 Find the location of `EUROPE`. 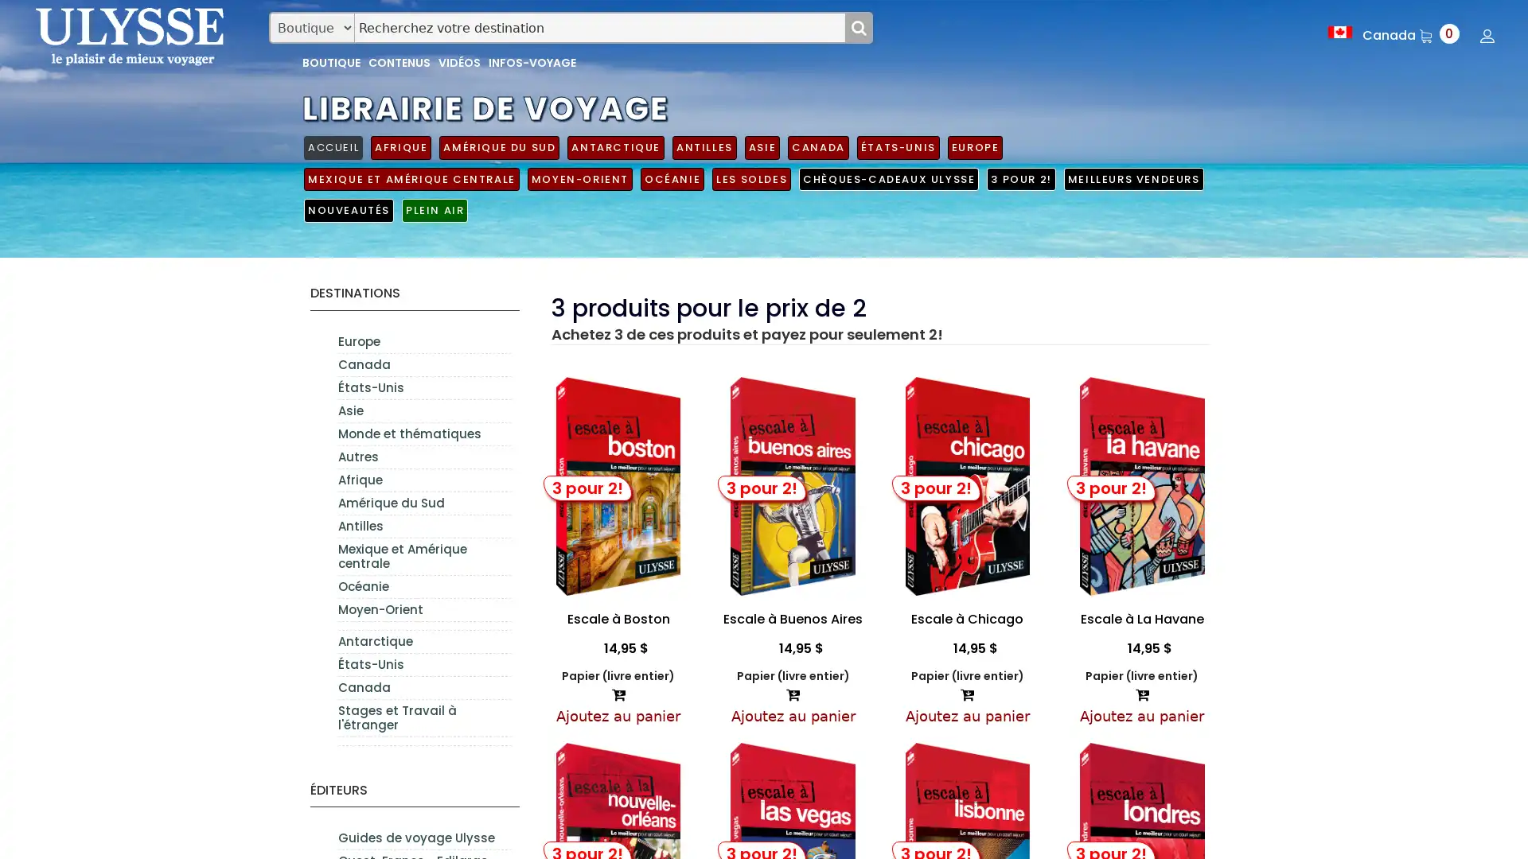

EUROPE is located at coordinates (973, 147).